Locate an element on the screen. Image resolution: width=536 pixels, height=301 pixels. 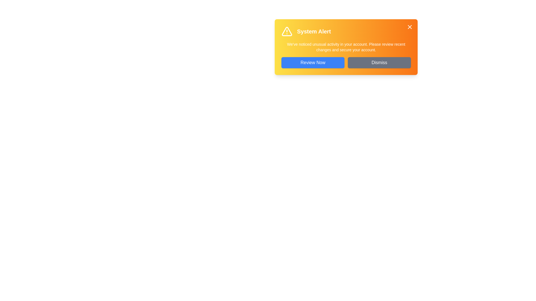
the 'Review Now' button to proceed with account review is located at coordinates (313, 62).